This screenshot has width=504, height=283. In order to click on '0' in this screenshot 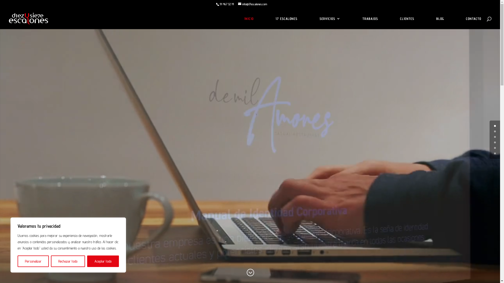, I will do `click(495, 126)`.